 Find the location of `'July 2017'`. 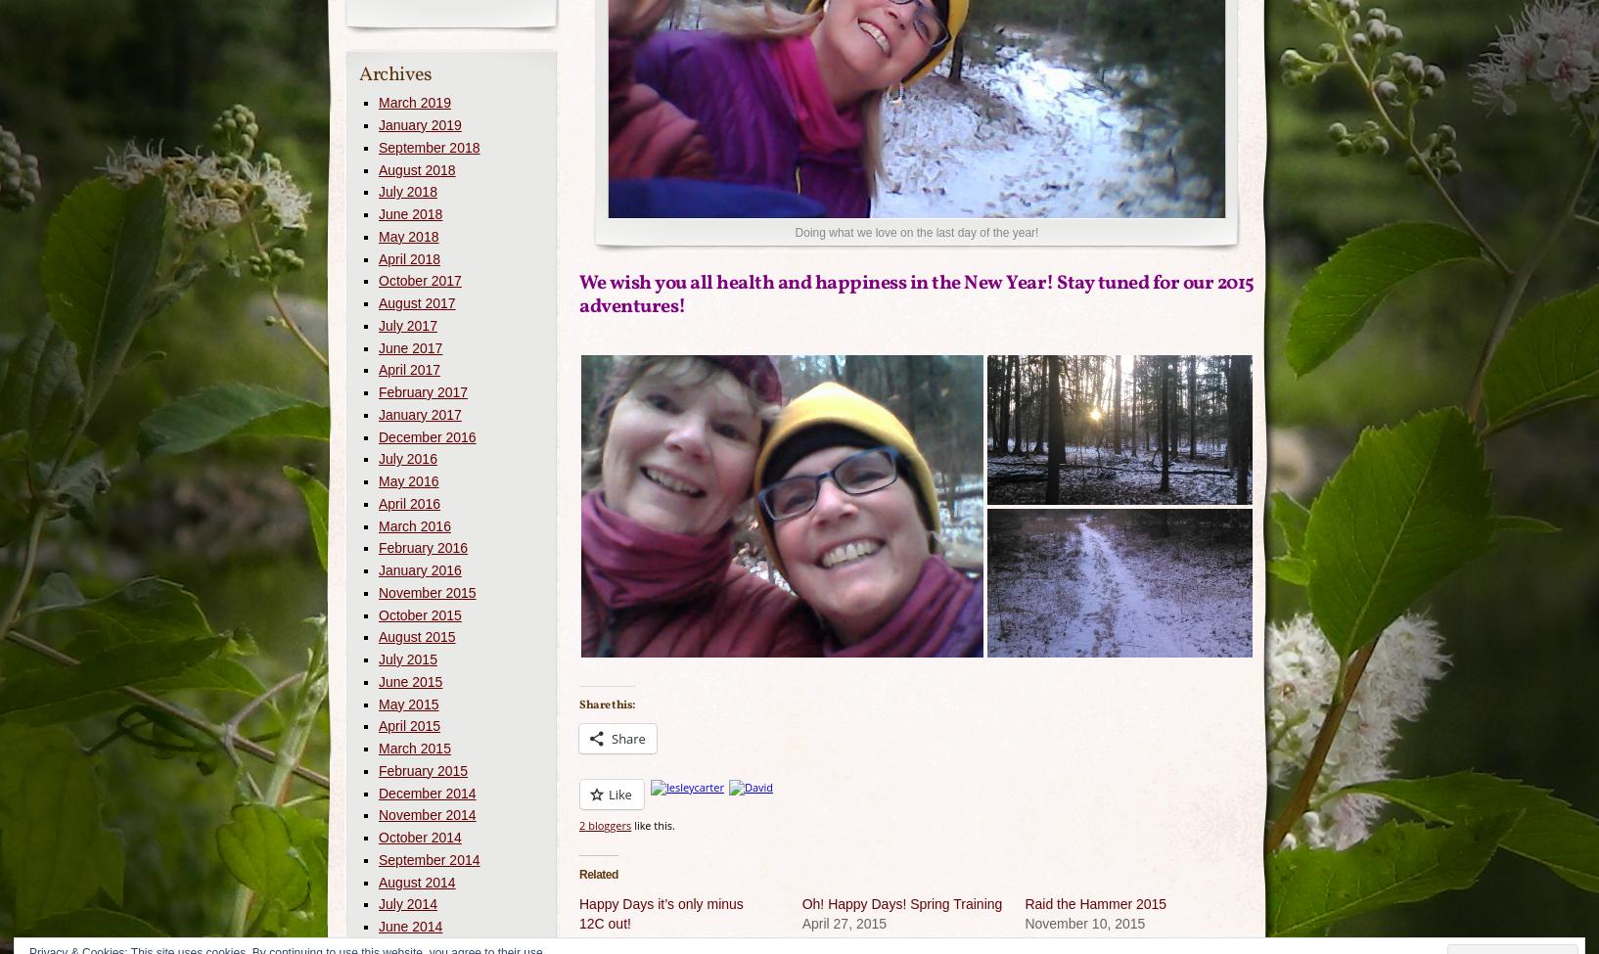

'July 2017' is located at coordinates (407, 323).